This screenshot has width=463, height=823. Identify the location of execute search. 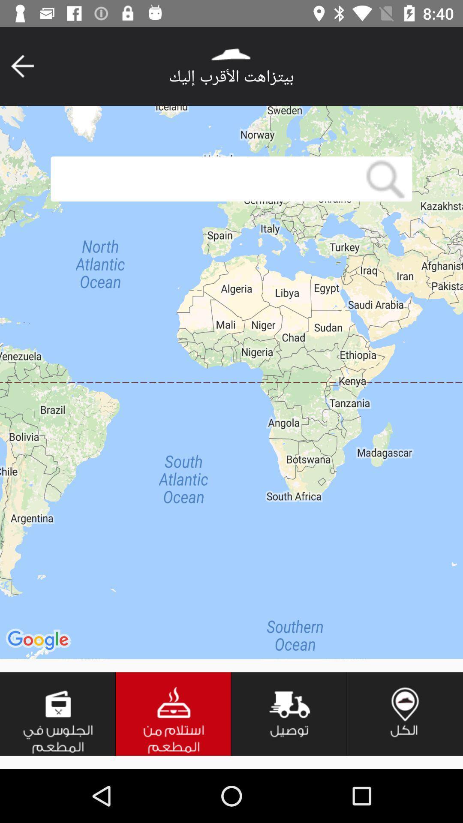
(385, 178).